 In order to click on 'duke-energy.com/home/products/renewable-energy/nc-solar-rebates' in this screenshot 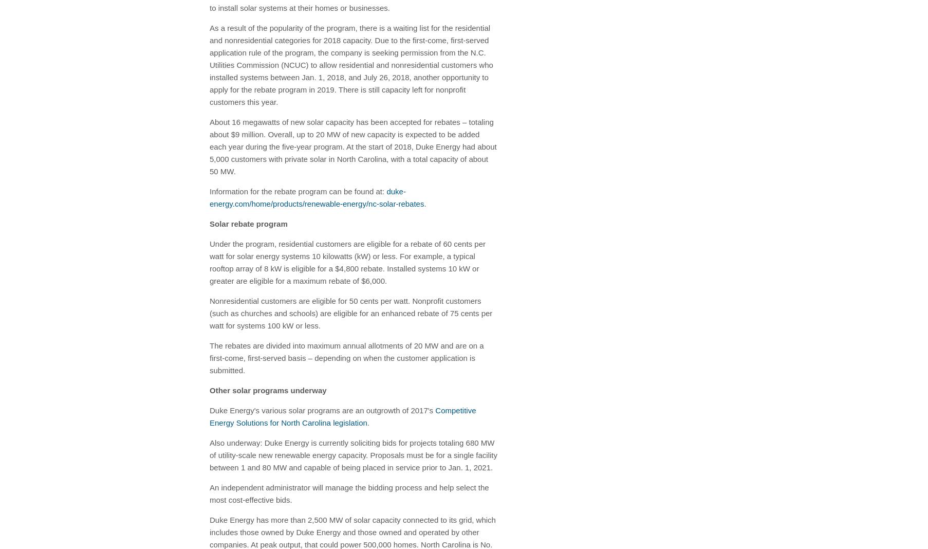, I will do `click(317, 196)`.